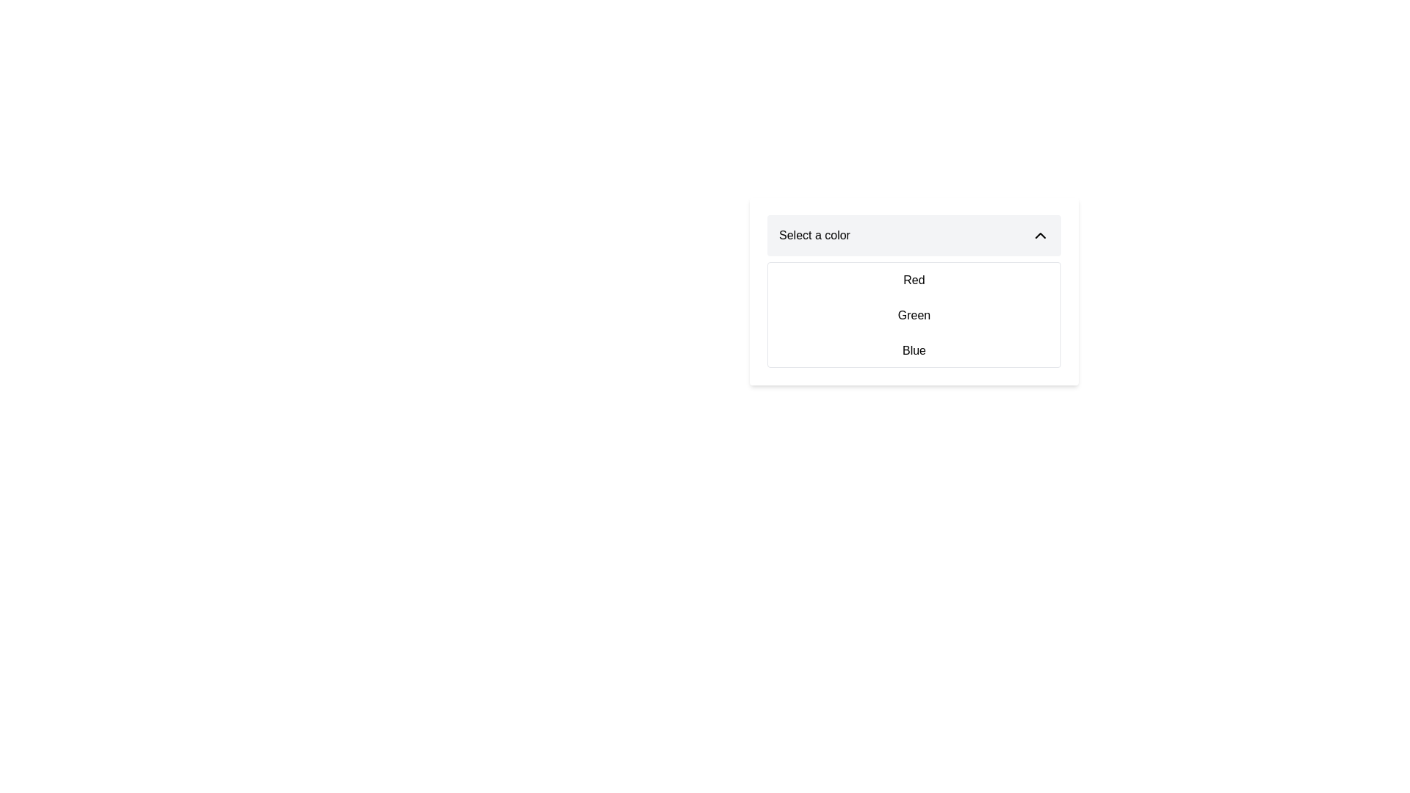 The width and height of the screenshot is (1410, 793). Describe the element at coordinates (913, 314) in the screenshot. I see `the selectable menu item displaying the text 'Green'` at that location.